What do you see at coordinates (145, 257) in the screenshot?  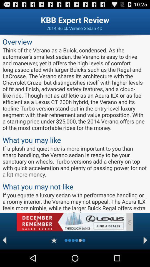 I see `the play icon` at bounding box center [145, 257].